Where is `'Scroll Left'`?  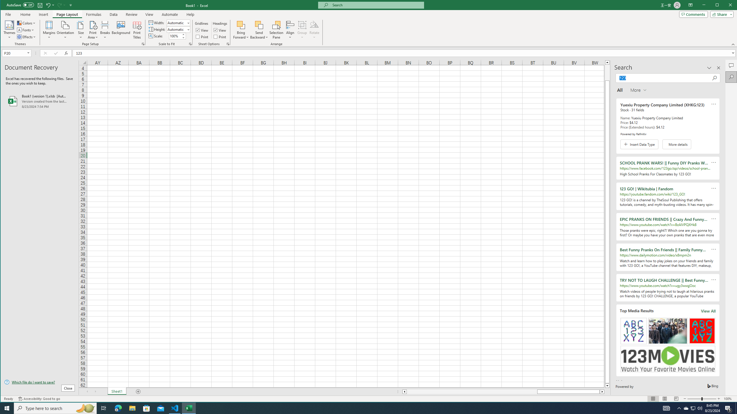 'Scroll Left' is located at coordinates (87, 392).